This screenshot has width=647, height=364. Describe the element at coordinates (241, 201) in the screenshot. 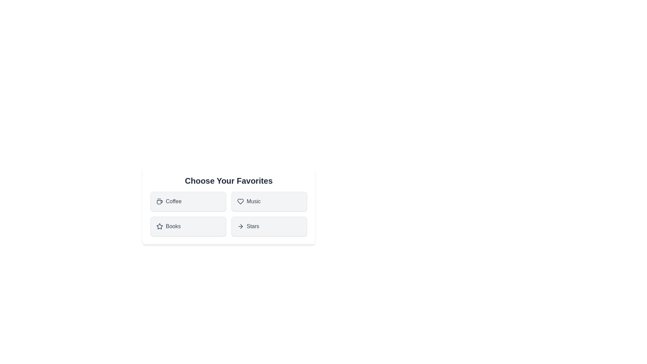

I see `the heart-shaped 'like' indicator icon associated with the 'Music' button` at that location.